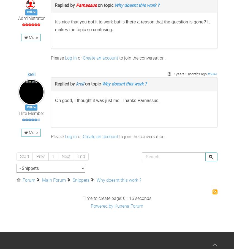 This screenshot has height=249, width=234. What do you see at coordinates (117, 198) in the screenshot?
I see `'Time to create page: 0.116 seconds'` at bounding box center [117, 198].